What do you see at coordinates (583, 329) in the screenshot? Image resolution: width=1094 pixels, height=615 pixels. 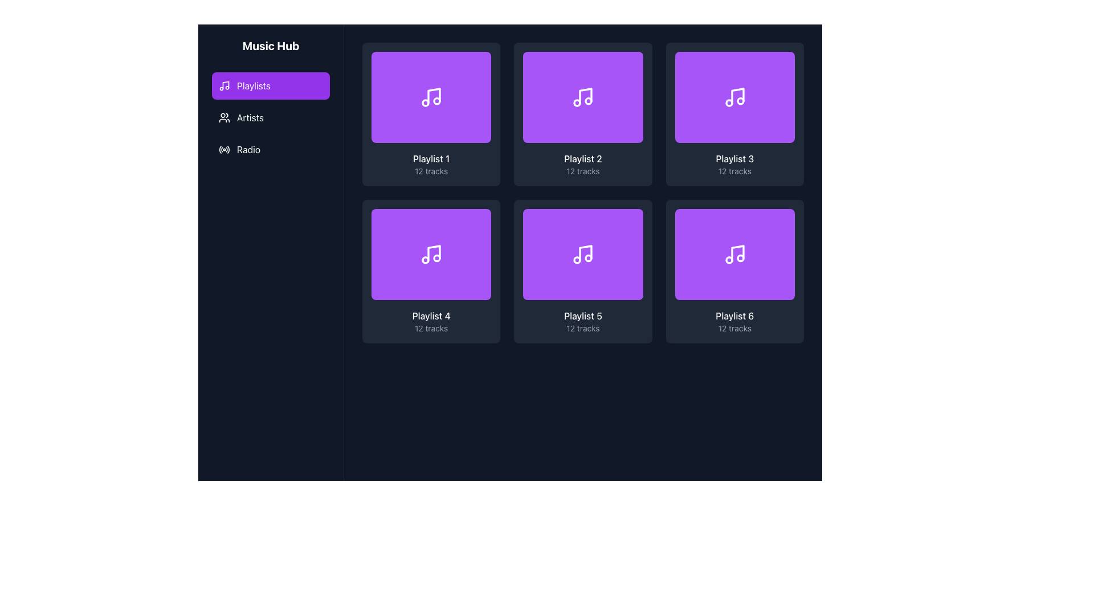 I see `the text label that provides information about the number of tracks in 'Playlist 5', located at the bottom of the playlist card` at bounding box center [583, 329].